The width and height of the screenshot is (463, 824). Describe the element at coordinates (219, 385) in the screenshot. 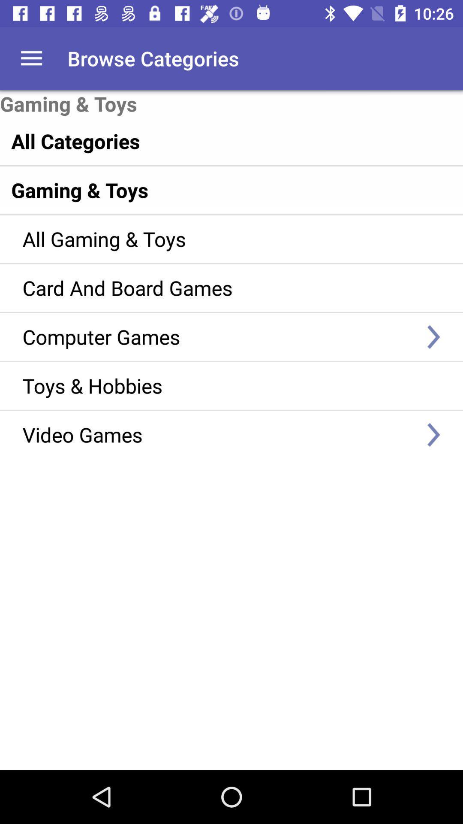

I see `the toys & hobbies item` at that location.